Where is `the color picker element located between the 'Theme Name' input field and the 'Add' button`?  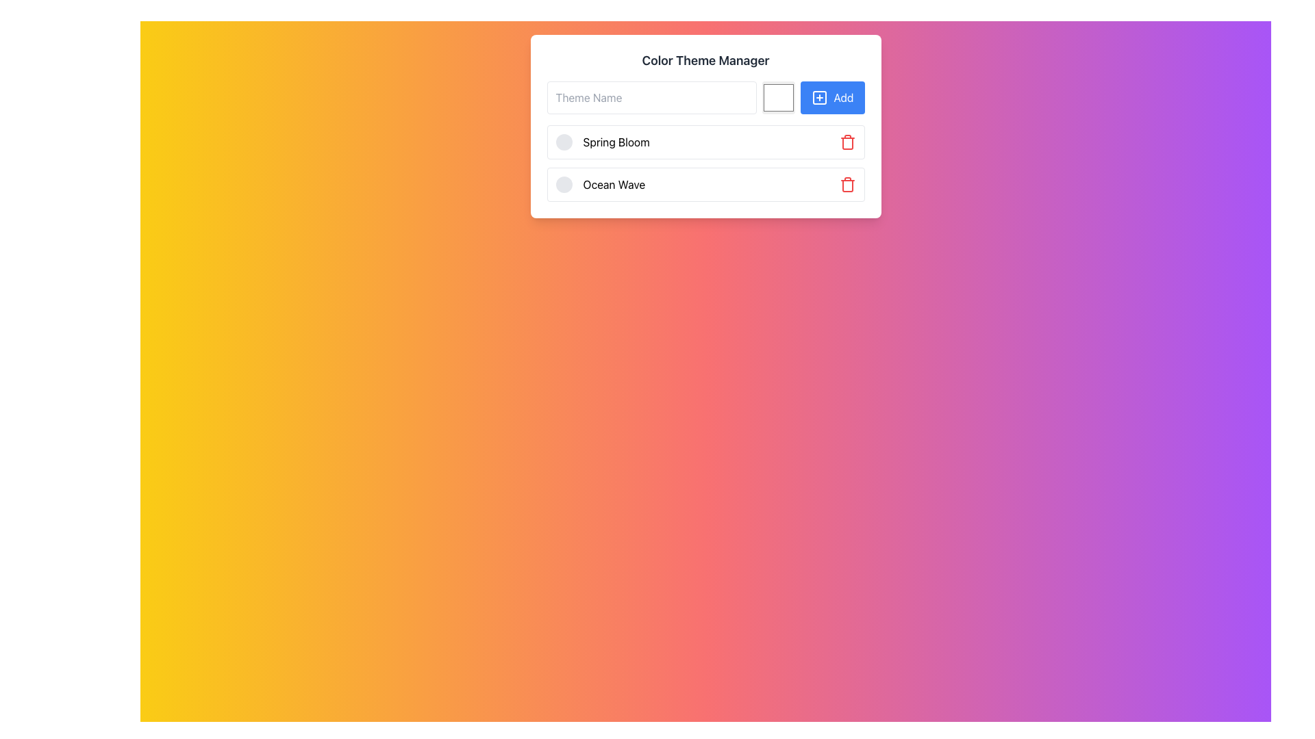
the color picker element located between the 'Theme Name' input field and the 'Add' button is located at coordinates (779, 96).